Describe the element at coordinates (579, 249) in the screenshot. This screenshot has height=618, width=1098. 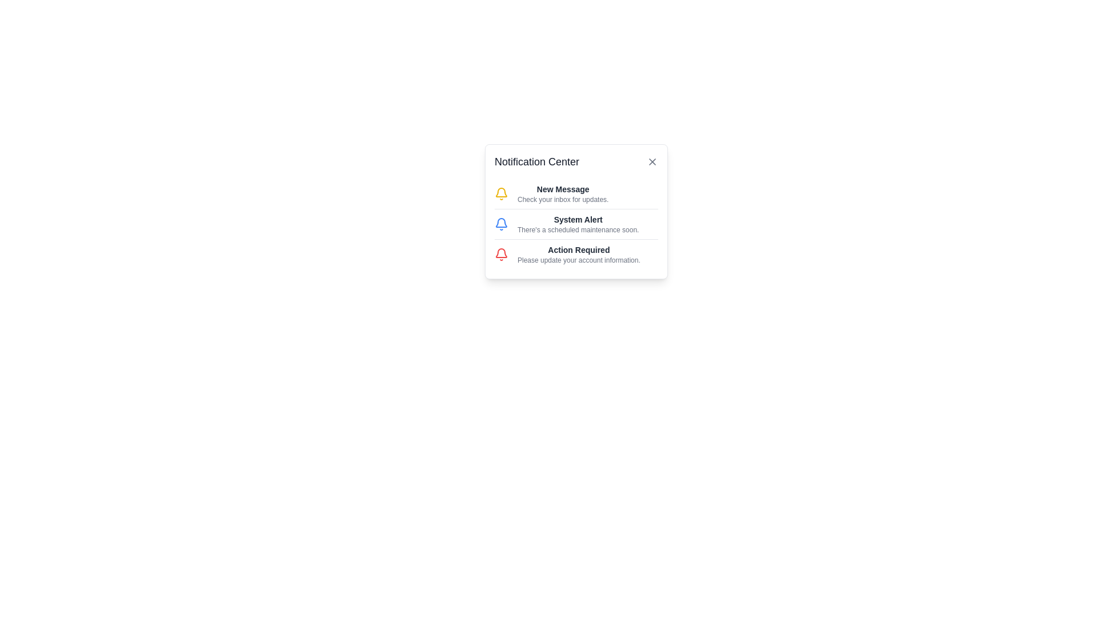
I see `the text label displaying 'Action Required' in bold within the notification card under the 'Notification Center'` at that location.